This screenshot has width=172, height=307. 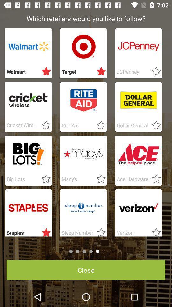 I want to click on starred, so click(x=99, y=231).